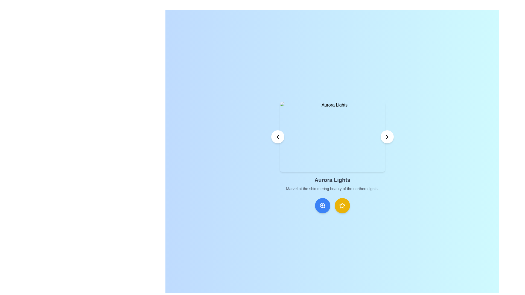  What do you see at coordinates (278, 137) in the screenshot?
I see `the navigational button with an icon located on the left side of the card interface` at bounding box center [278, 137].